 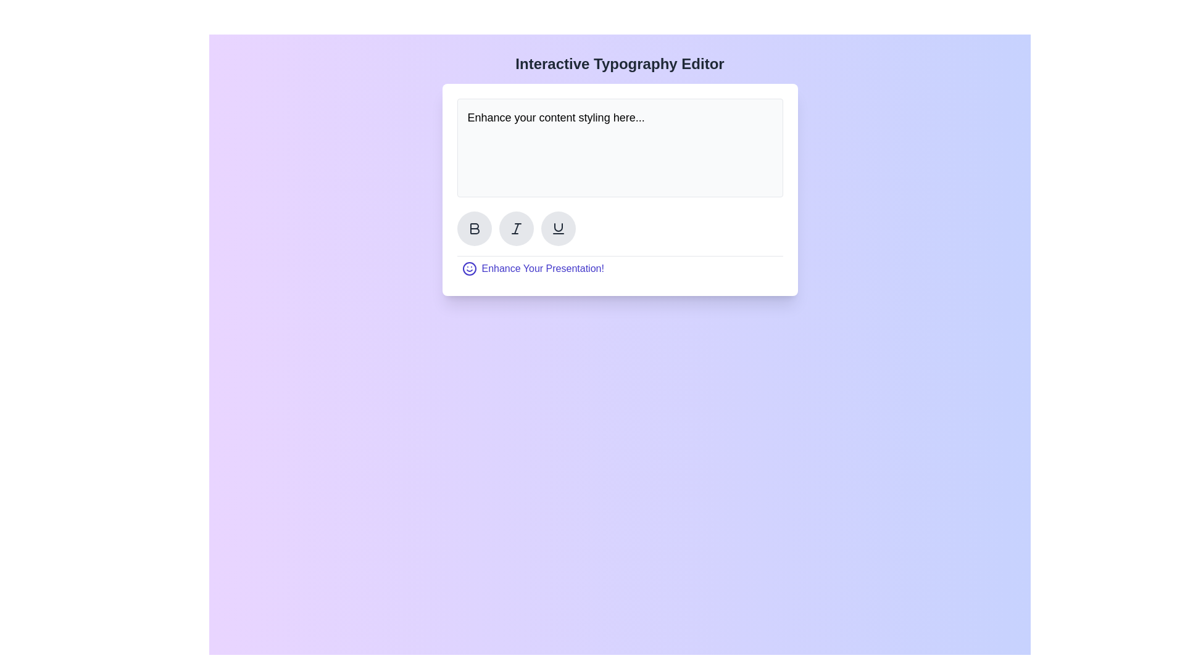 What do you see at coordinates (468, 268) in the screenshot?
I see `the cheerful mood icon located to the left of the text 'Enhance Your Presentation!' by moving the cursor over it` at bounding box center [468, 268].